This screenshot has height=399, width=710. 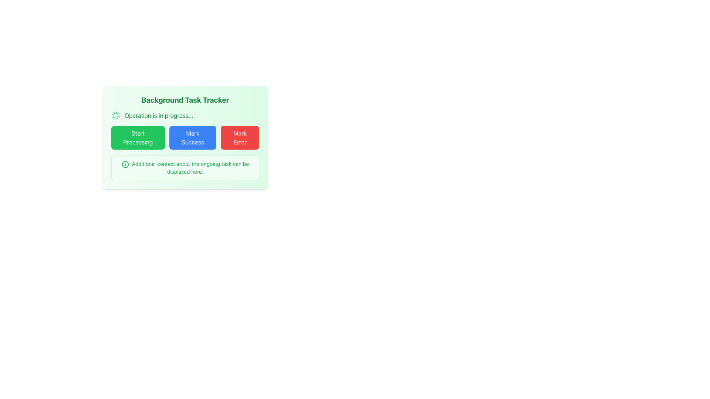 I want to click on the green animated loader icon indicating ongoing background processing, located at the top-left section of the background task tracker interface, so click(x=115, y=115).